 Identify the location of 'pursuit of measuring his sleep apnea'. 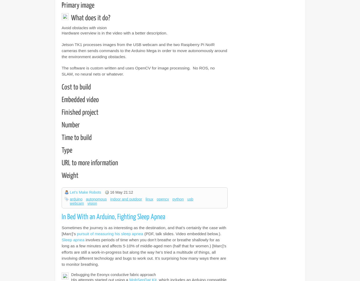
(76, 233).